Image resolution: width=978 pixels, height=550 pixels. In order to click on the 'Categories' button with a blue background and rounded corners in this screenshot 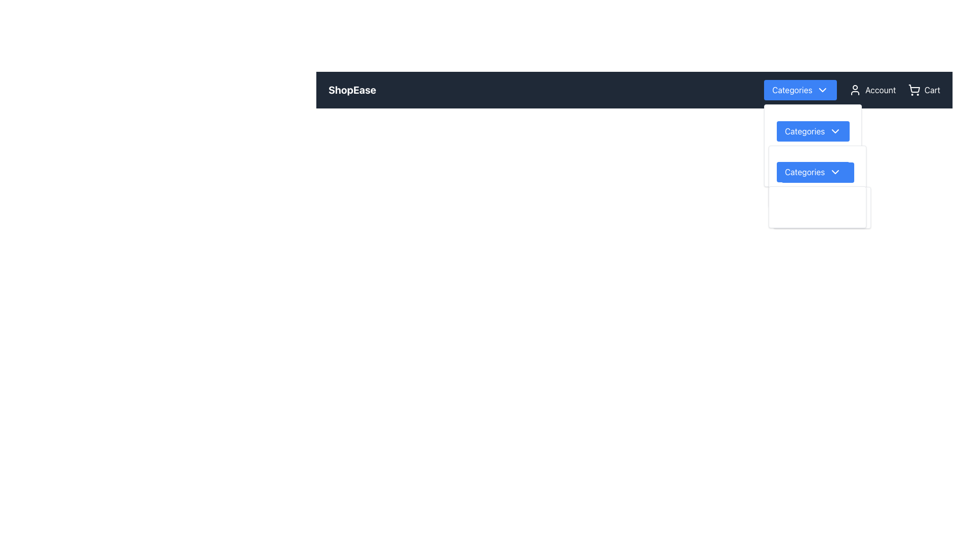, I will do `click(812, 131)`.